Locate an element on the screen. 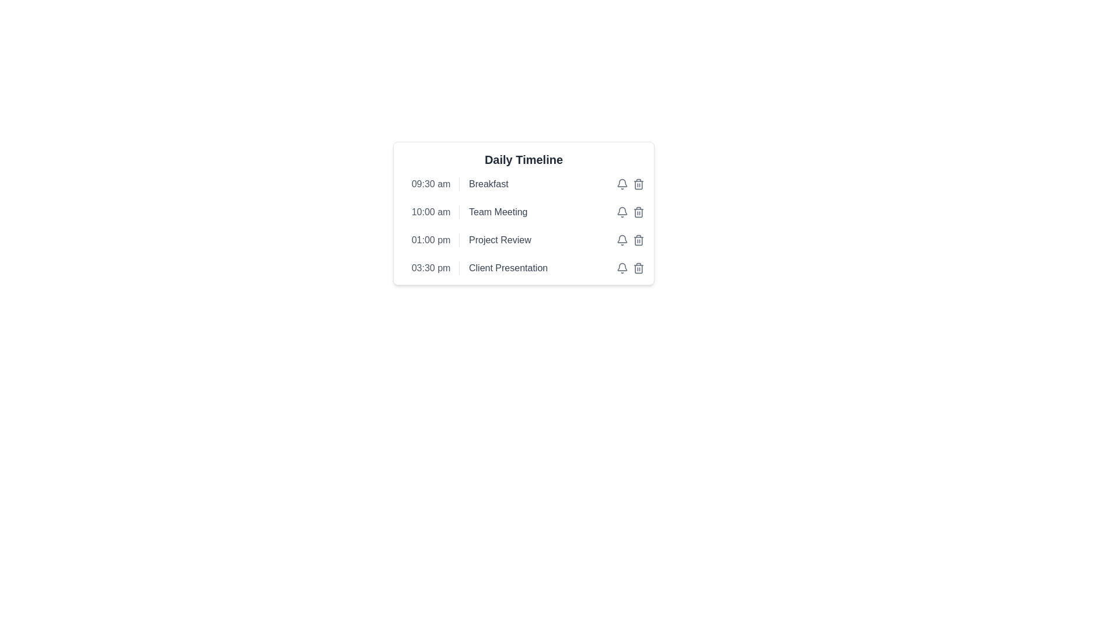  text label indicating 'Breakfast' scheduled for 9:30 AM, which is the first text label in the Daily Timeline card interface, positioned to the right of the '09:30 am' time slot is located at coordinates (488, 184).